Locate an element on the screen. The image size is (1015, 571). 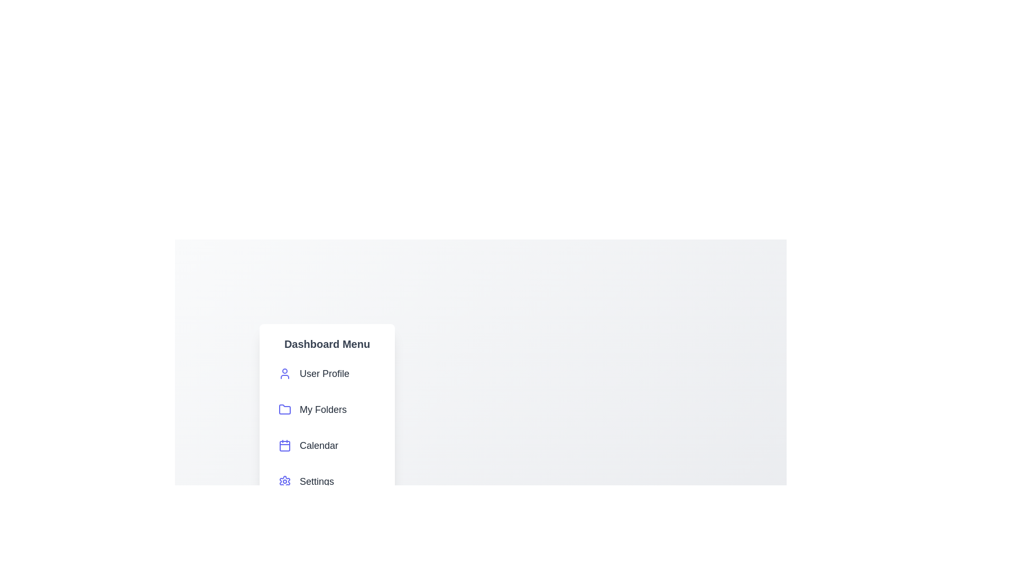
the 'Calendar' menu item is located at coordinates (327, 446).